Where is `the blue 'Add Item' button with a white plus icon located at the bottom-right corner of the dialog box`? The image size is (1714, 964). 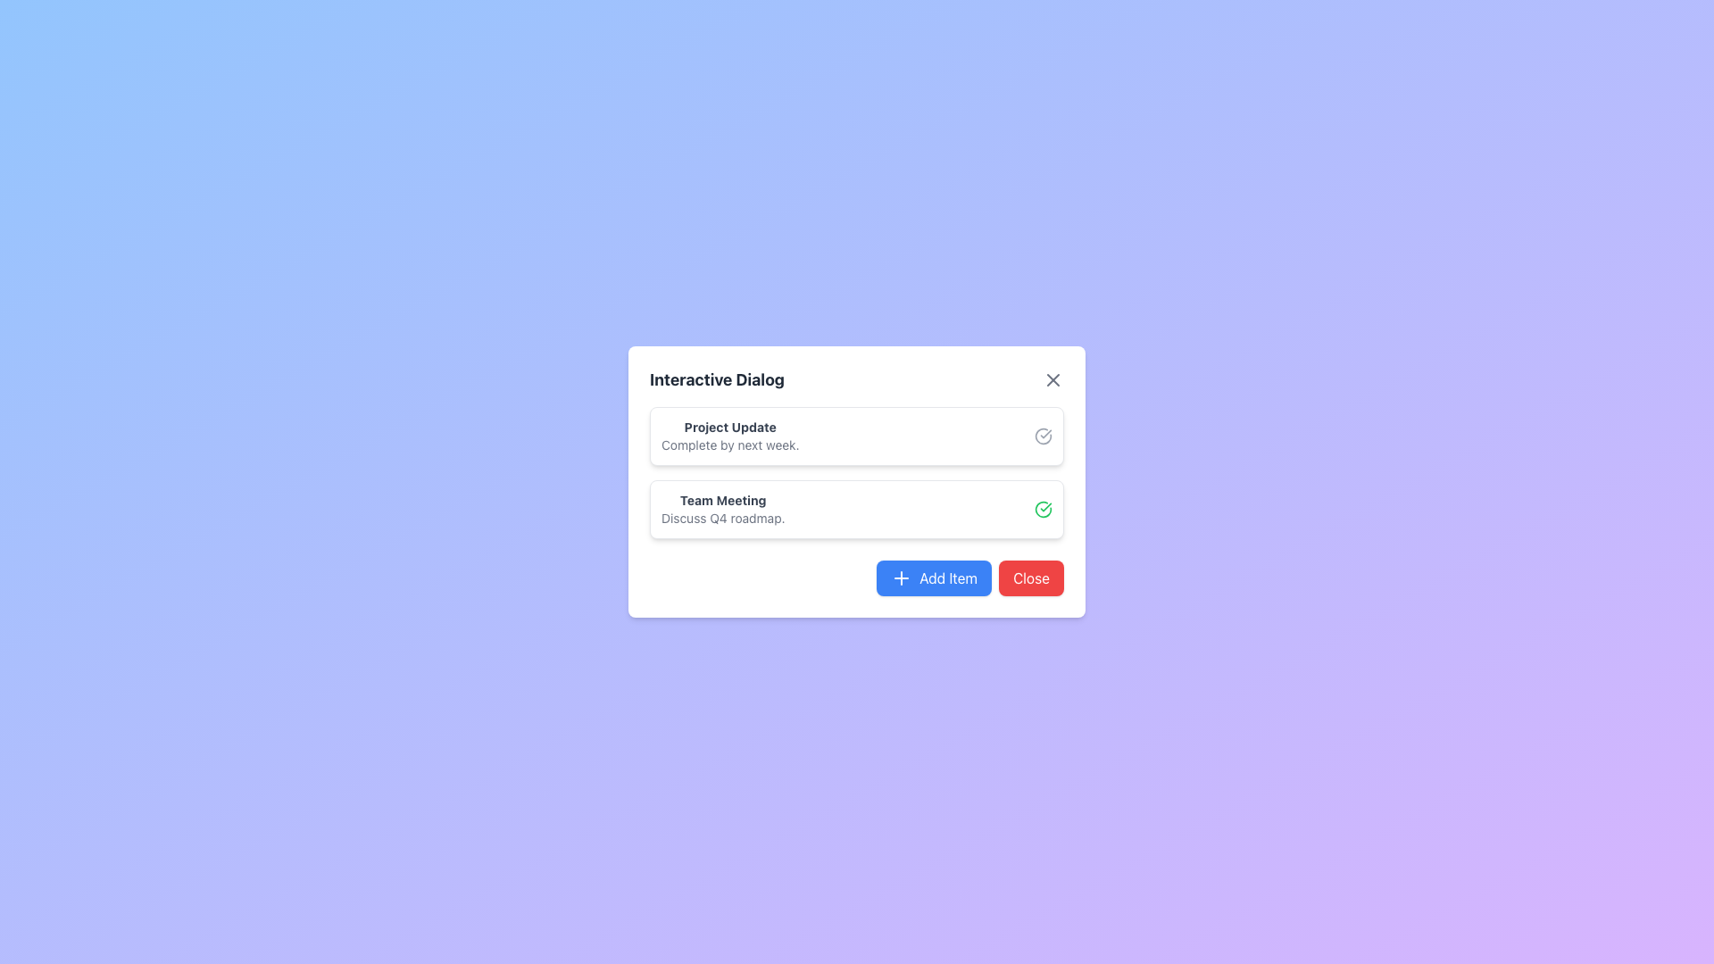 the blue 'Add Item' button with a white plus icon located at the bottom-right corner of the dialog box is located at coordinates (933, 578).